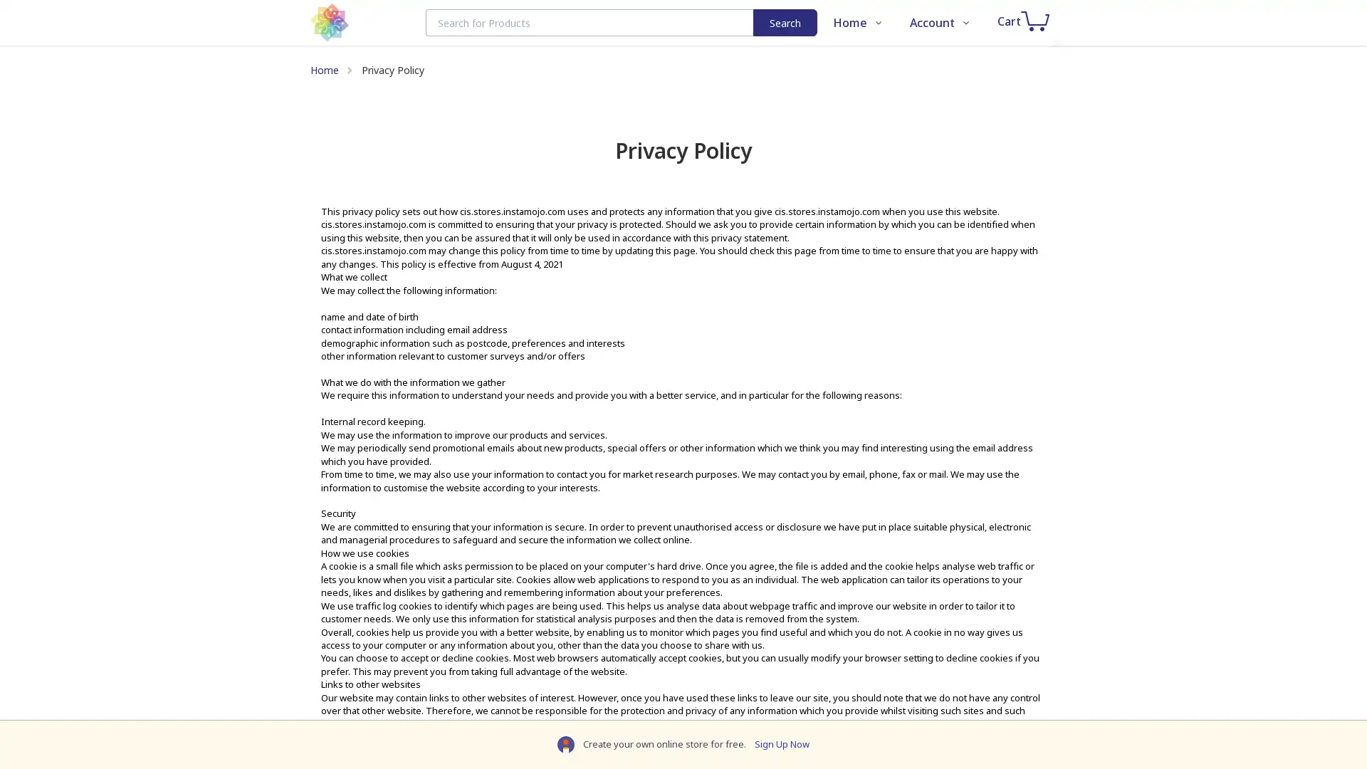  What do you see at coordinates (1230, 156) in the screenshot?
I see `APPLY` at bounding box center [1230, 156].